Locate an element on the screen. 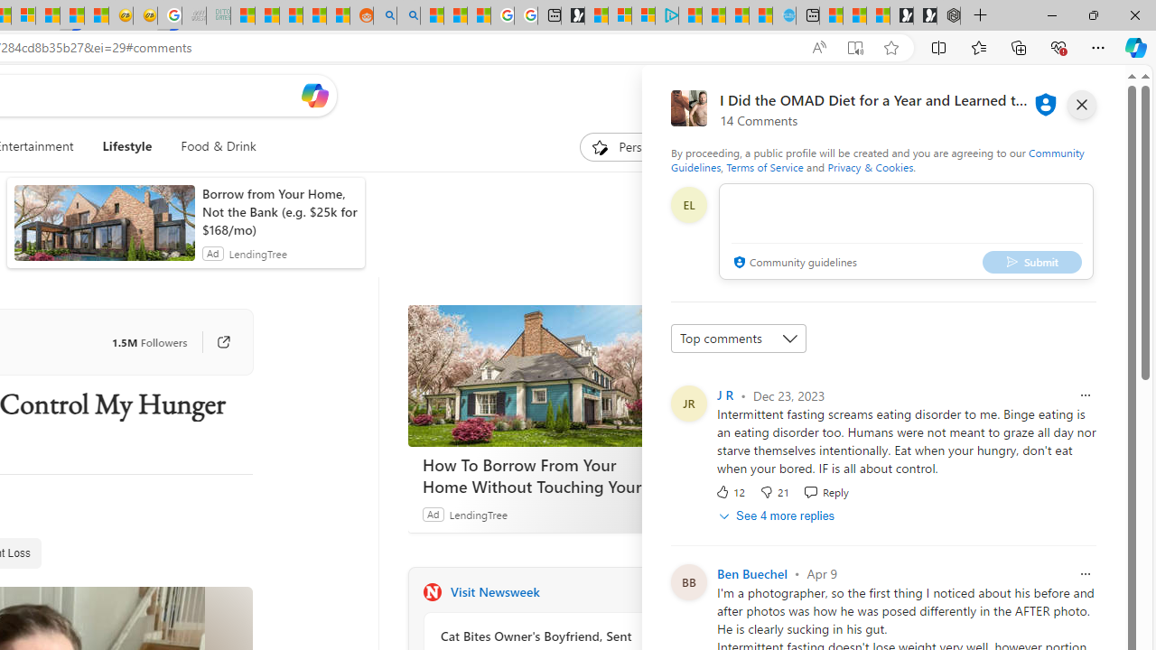 The image size is (1156, 650). 'Reply Reply Comment' is located at coordinates (825, 492).